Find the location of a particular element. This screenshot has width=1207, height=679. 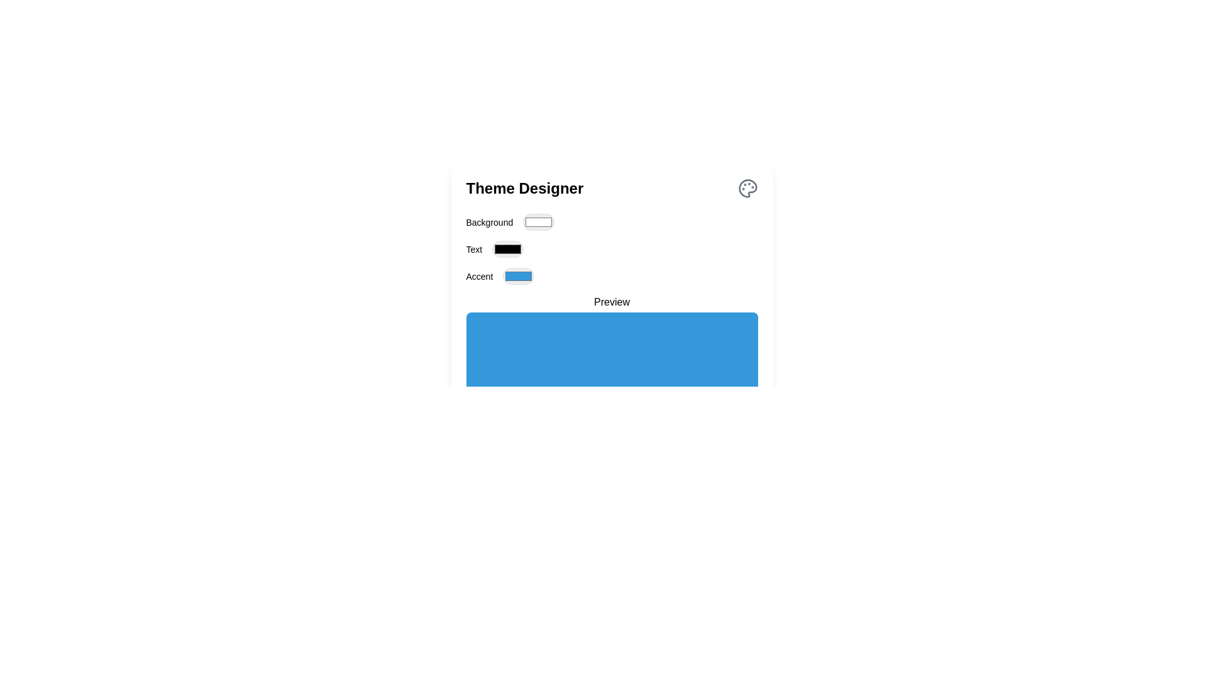

the Color picker button located directly to the right of the 'Background' label is located at coordinates (539, 221).